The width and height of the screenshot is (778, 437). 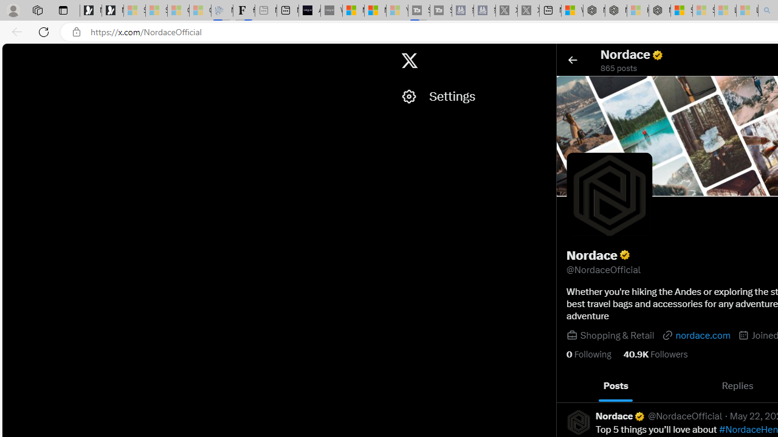 What do you see at coordinates (374, 10) in the screenshot?
I see `'Microsoft Start'` at bounding box center [374, 10].